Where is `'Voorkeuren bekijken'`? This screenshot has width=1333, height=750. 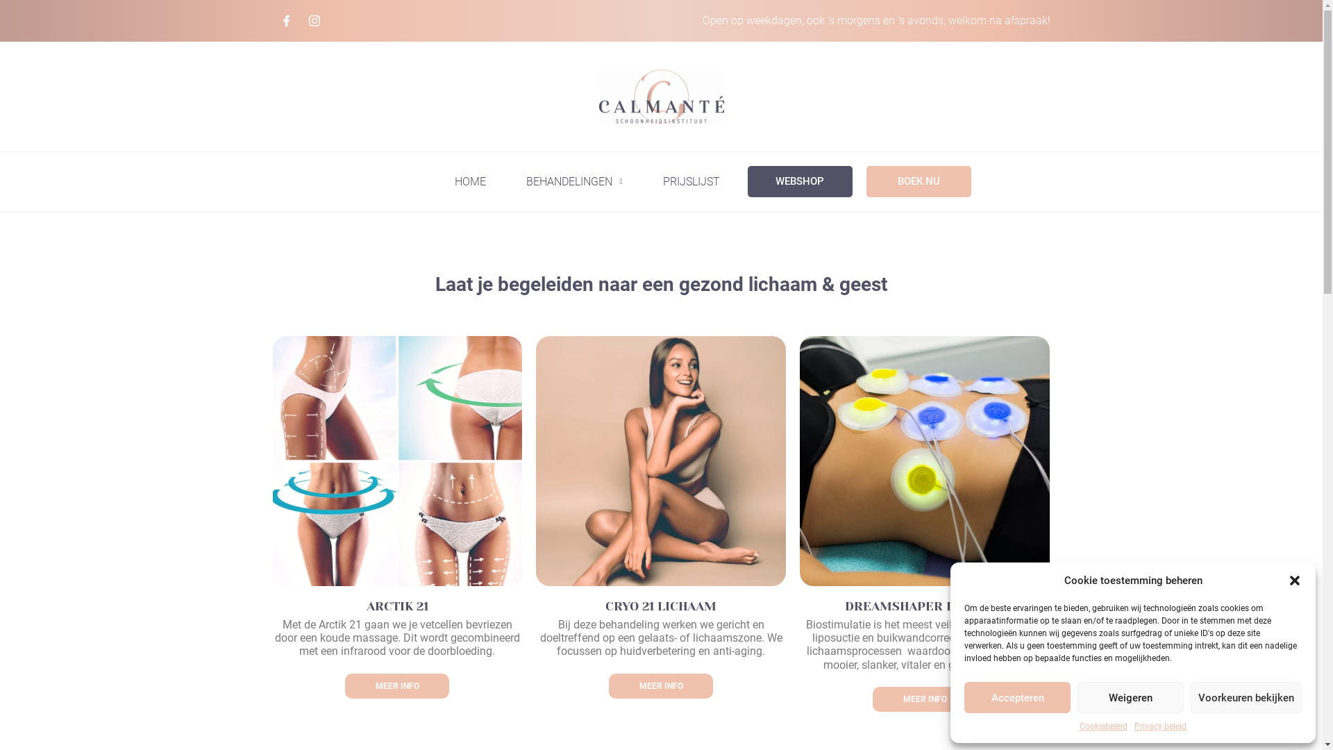
'Voorkeuren bekijken' is located at coordinates (1246, 697).